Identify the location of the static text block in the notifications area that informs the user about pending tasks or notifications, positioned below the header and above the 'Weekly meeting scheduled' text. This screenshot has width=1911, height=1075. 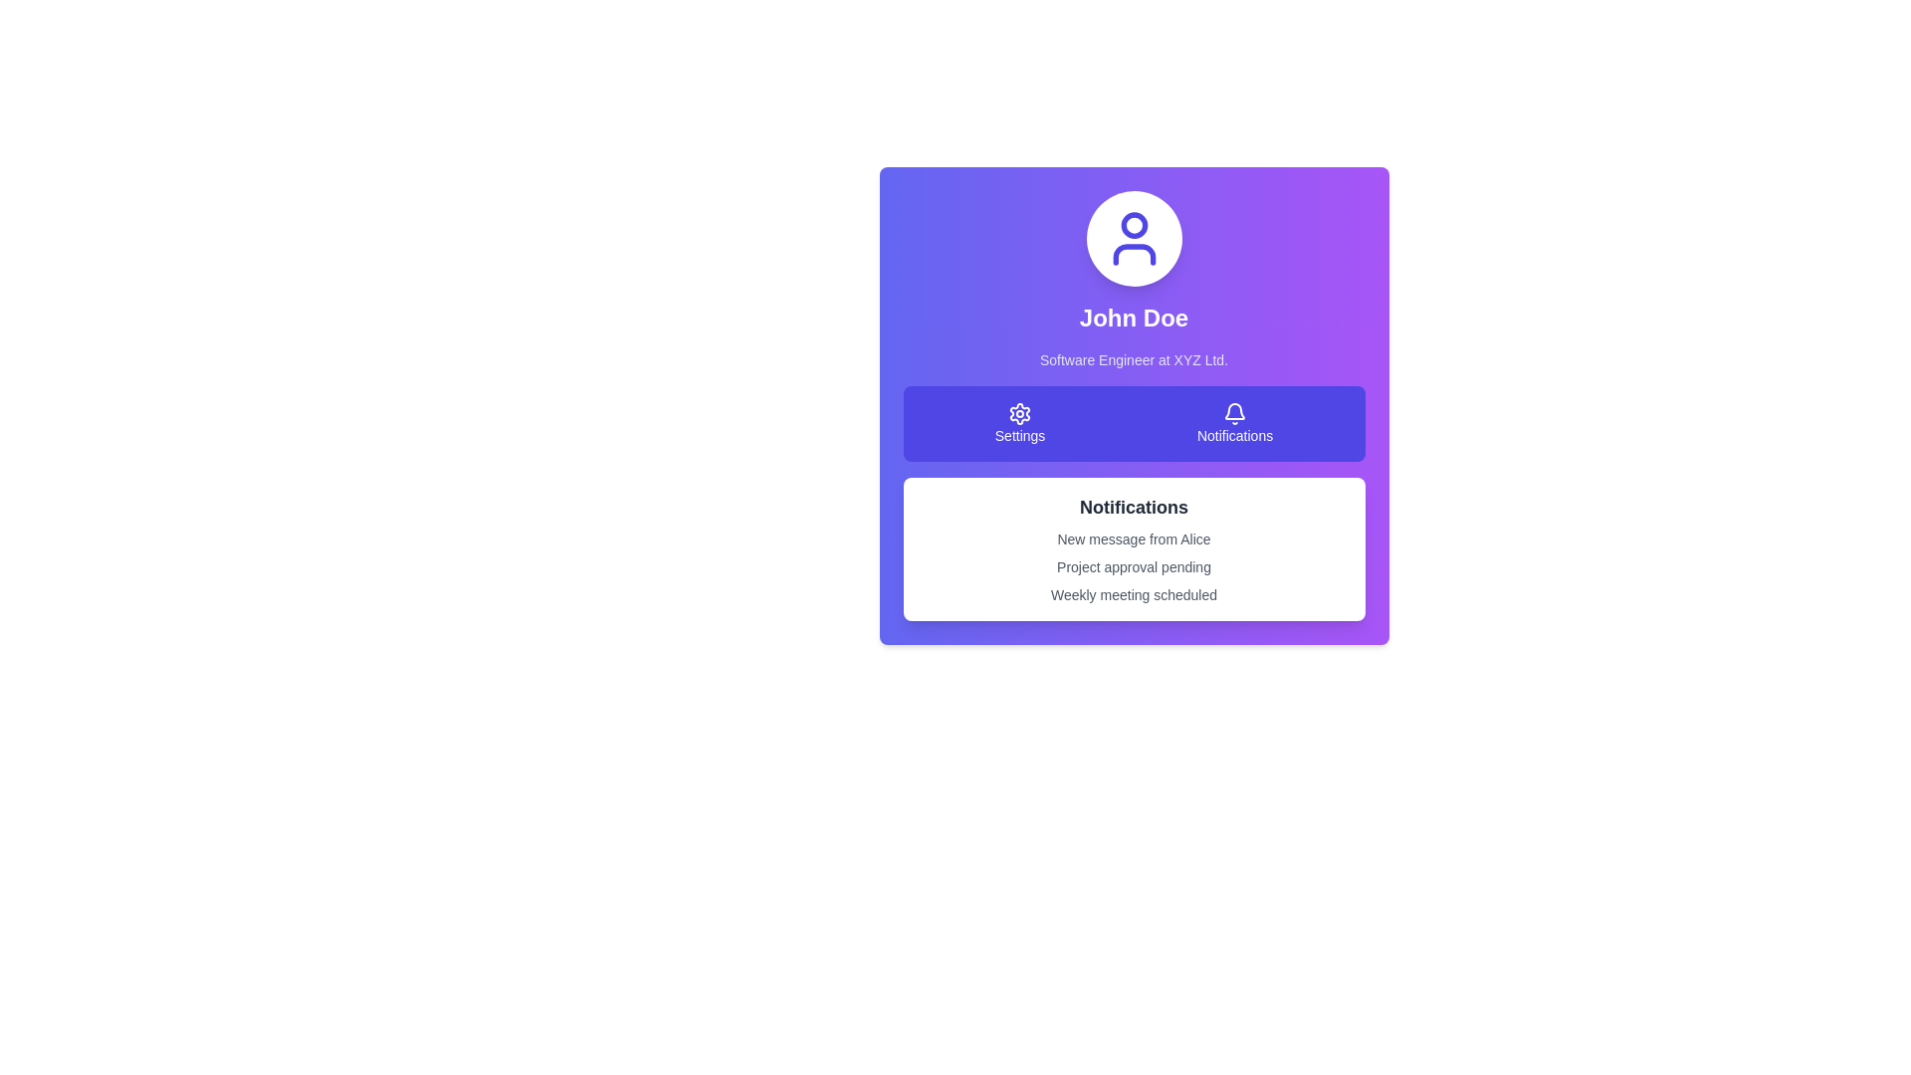
(1134, 567).